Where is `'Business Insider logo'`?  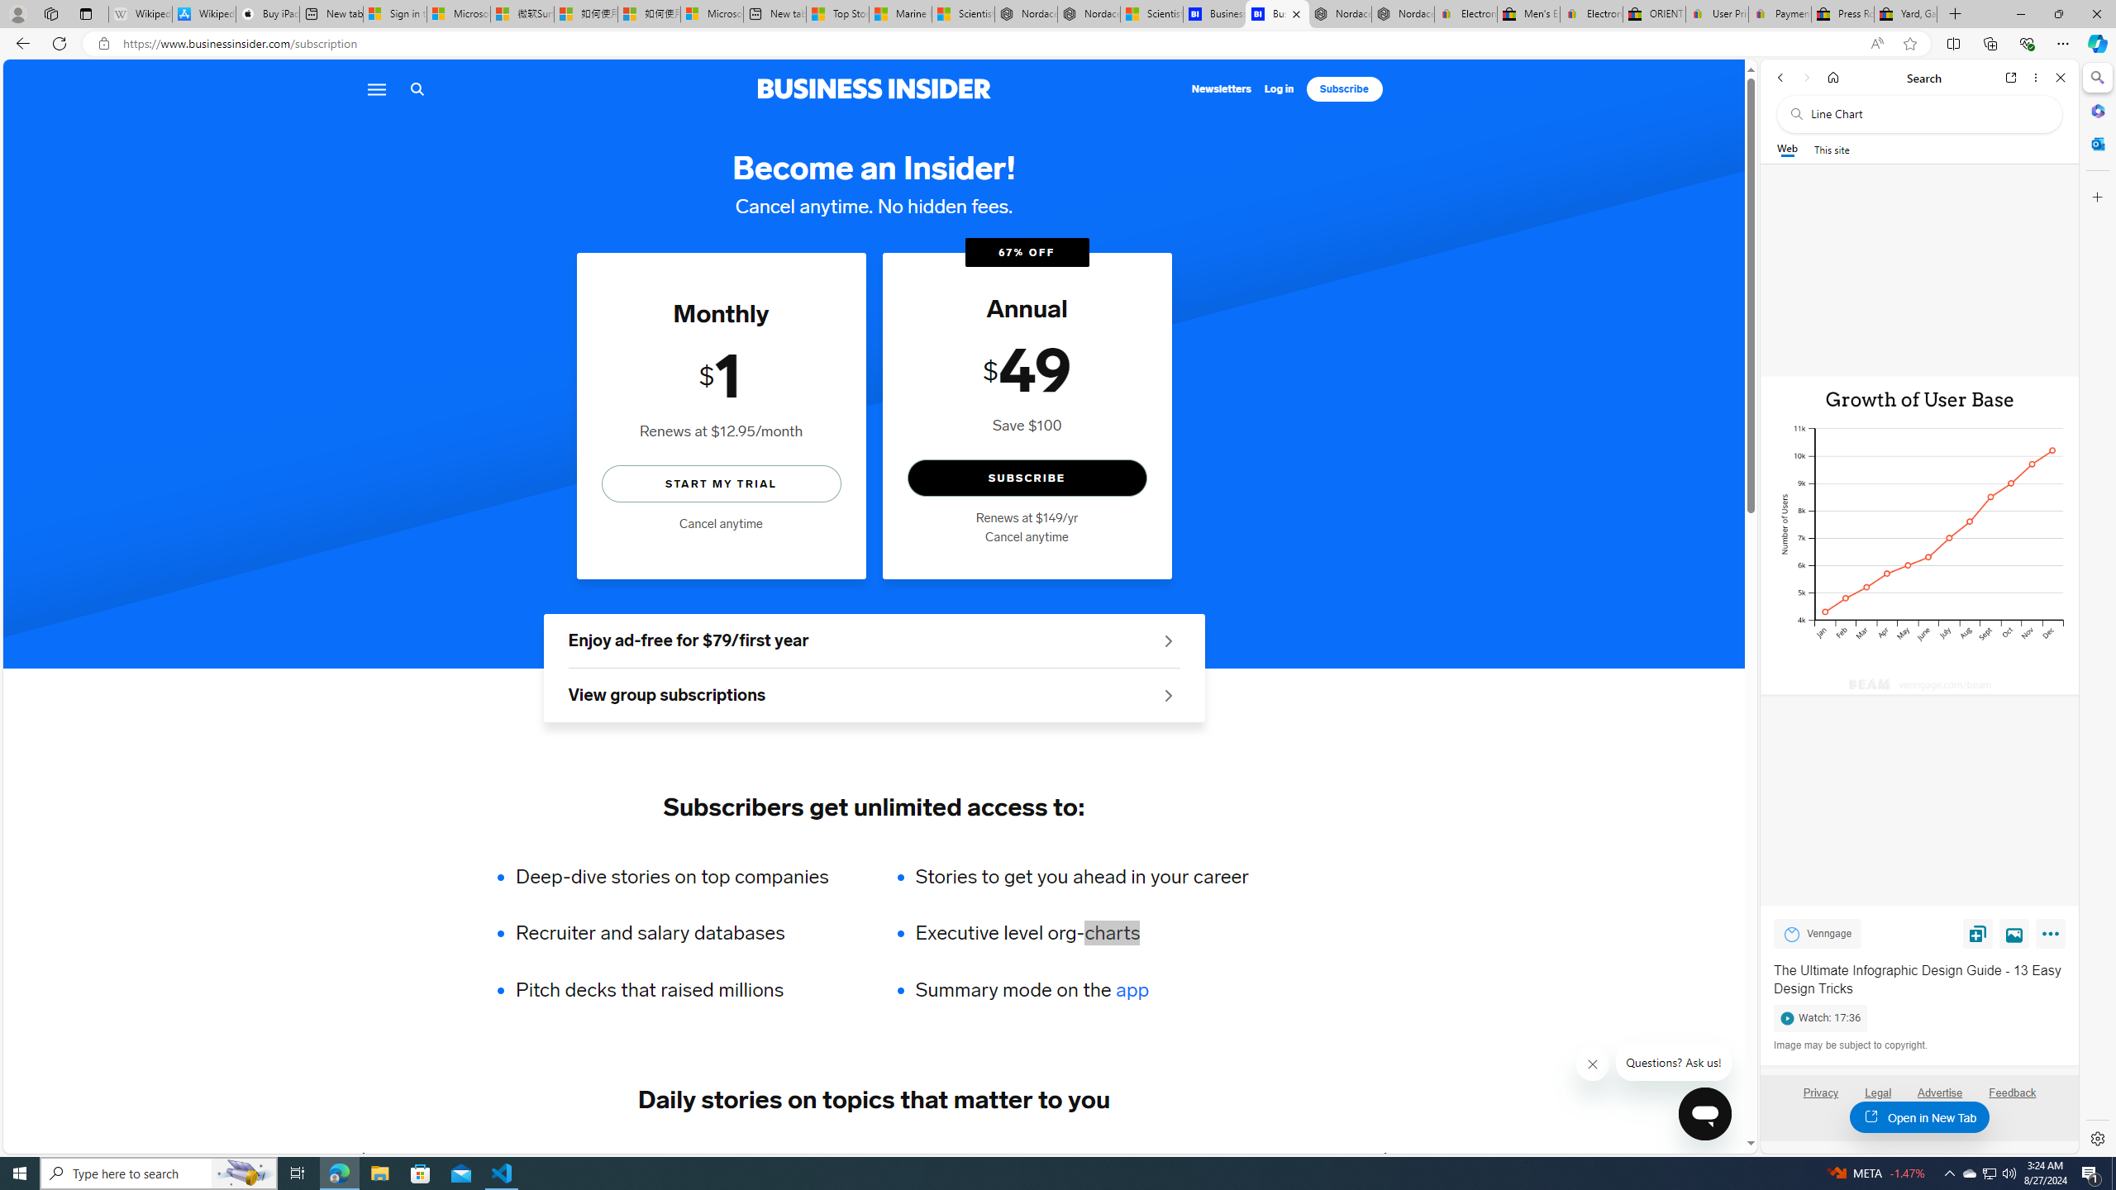 'Business Insider logo' is located at coordinates (873, 88).